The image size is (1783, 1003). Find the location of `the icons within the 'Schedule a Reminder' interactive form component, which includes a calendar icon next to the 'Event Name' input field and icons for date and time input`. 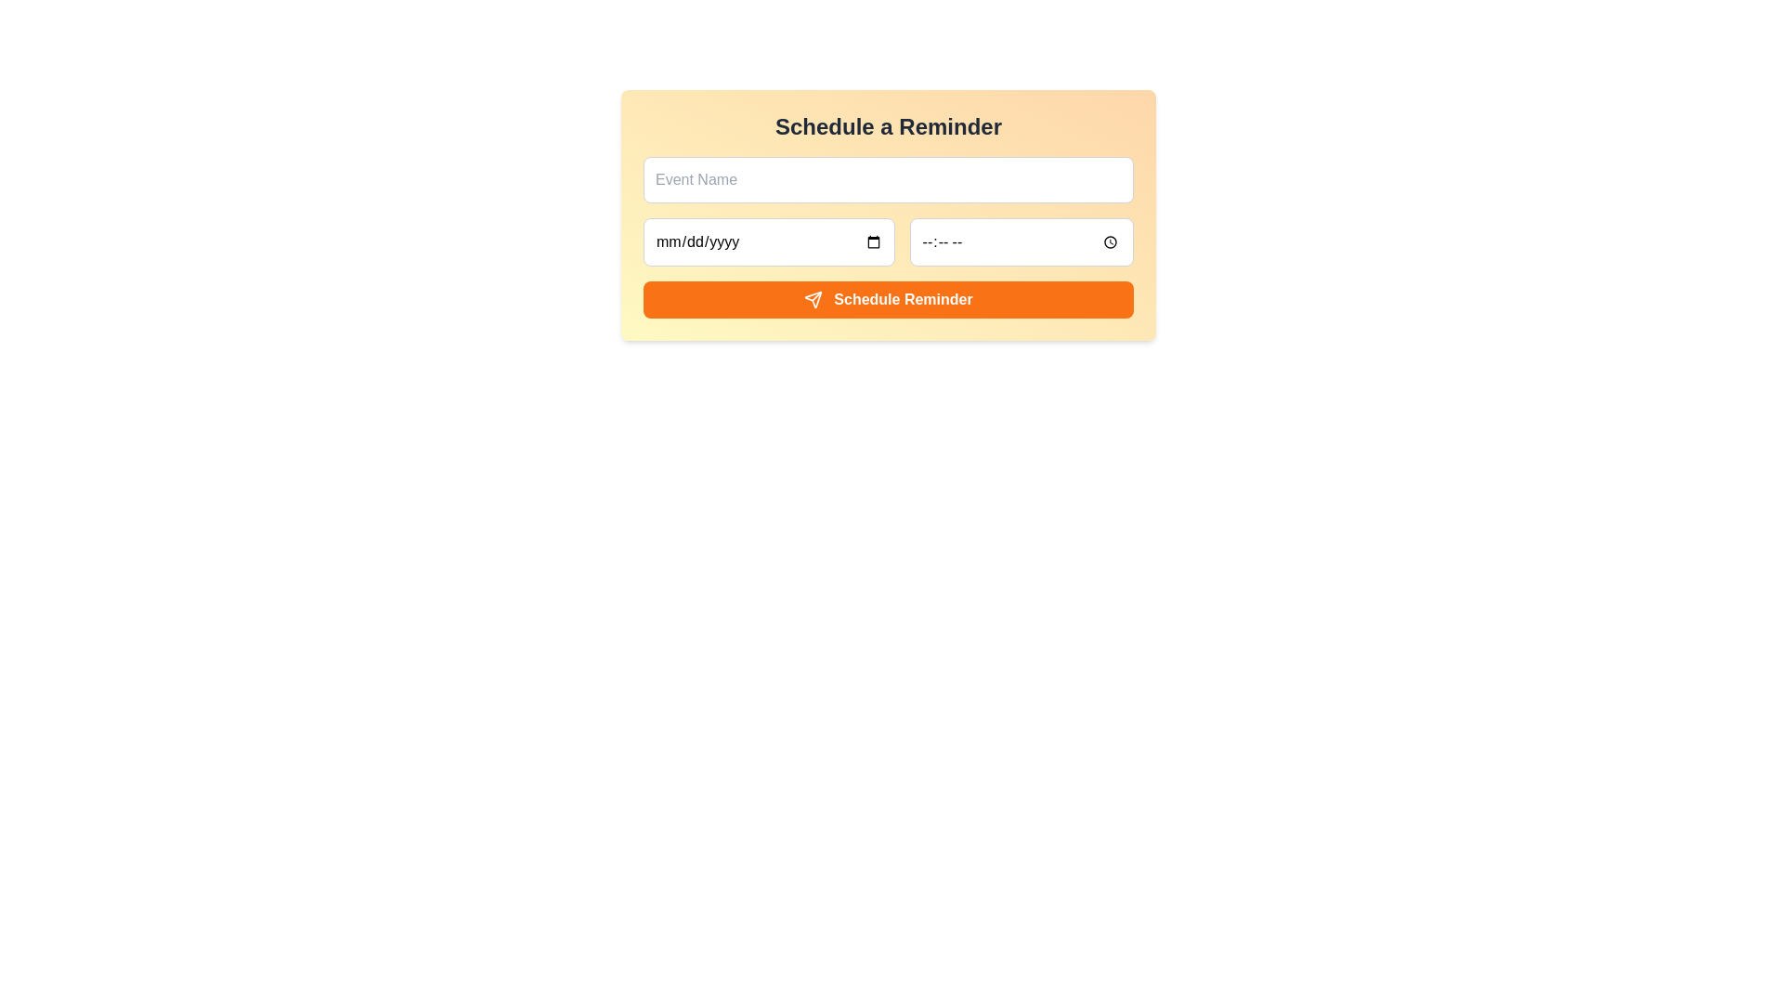

the icons within the 'Schedule a Reminder' interactive form component, which includes a calendar icon next to the 'Event Name' input field and icons for date and time input is located at coordinates (887, 214).